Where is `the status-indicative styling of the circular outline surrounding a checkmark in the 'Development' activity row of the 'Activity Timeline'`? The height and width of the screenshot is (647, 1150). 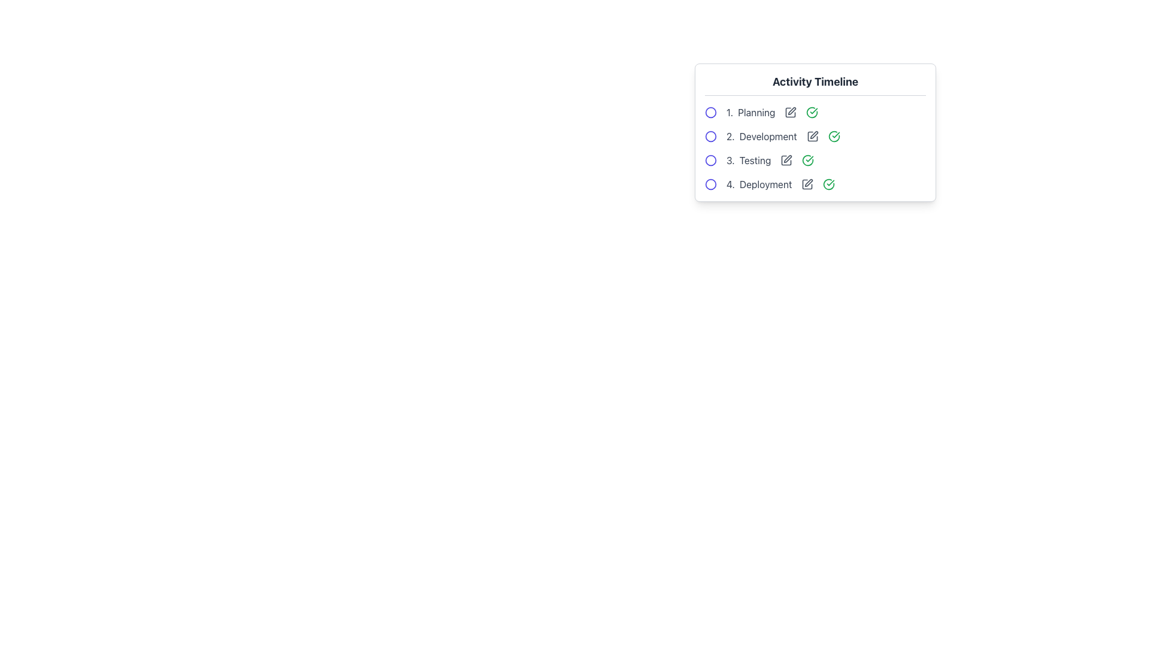
the status-indicative styling of the circular outline surrounding a checkmark in the 'Development' activity row of the 'Activity Timeline' is located at coordinates (833, 135).